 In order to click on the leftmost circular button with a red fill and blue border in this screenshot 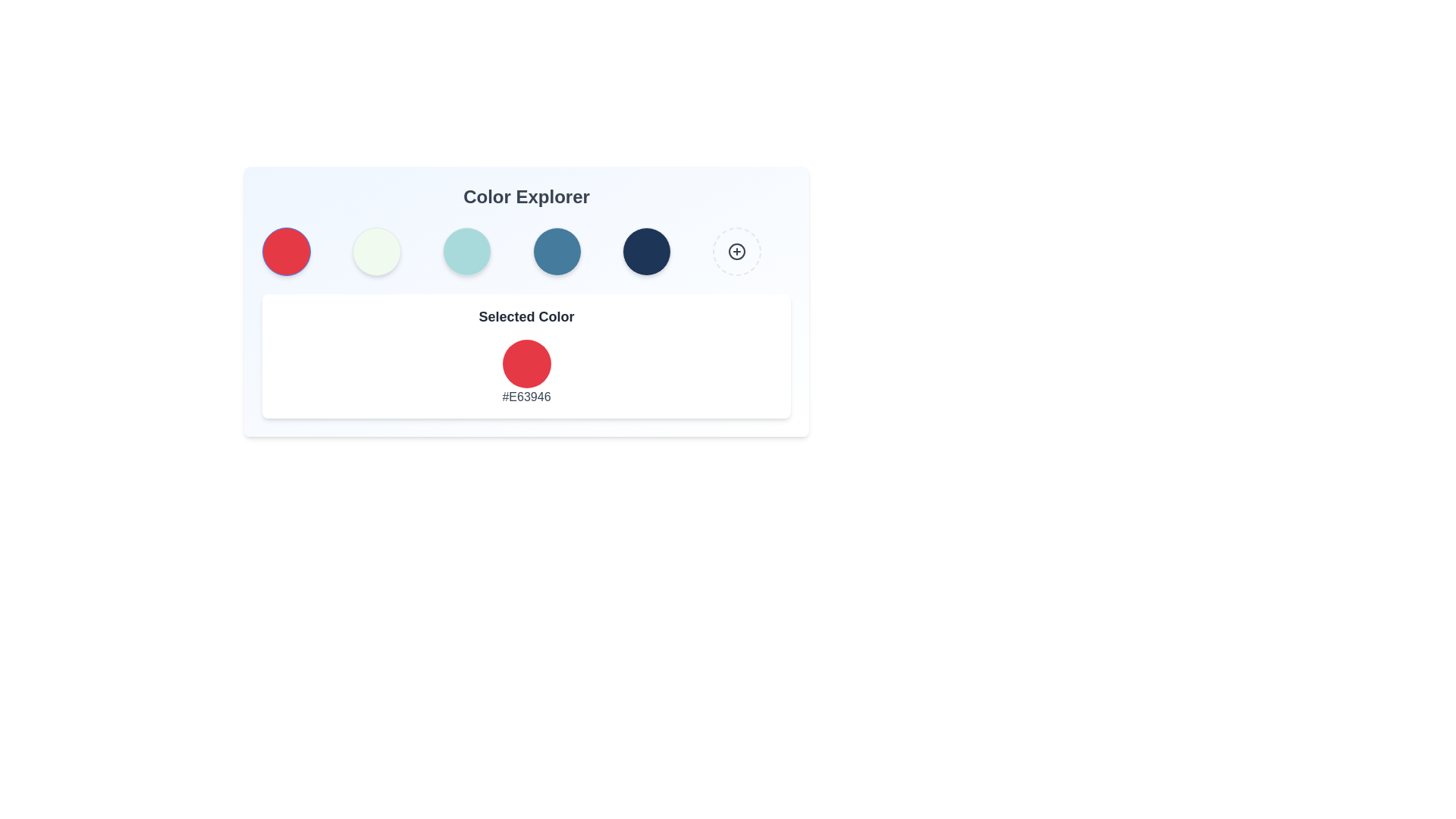, I will do `click(287, 250)`.